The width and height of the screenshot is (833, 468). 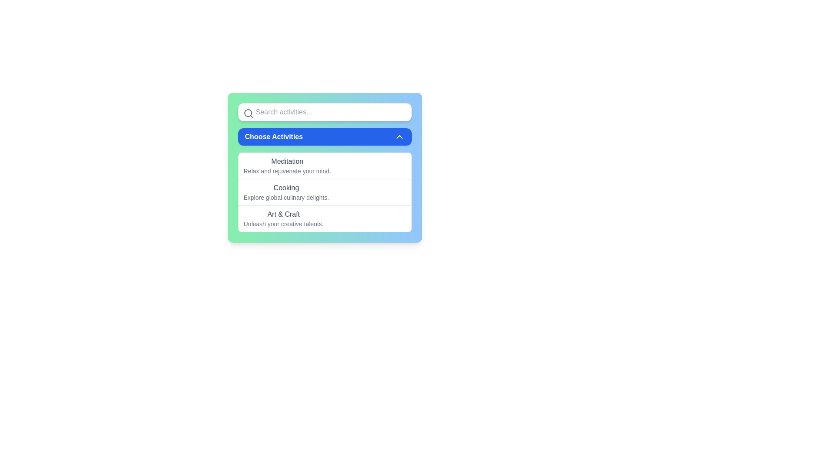 What do you see at coordinates (248, 113) in the screenshot?
I see `the search icon resembling a magnifying glass, which is positioned to the left of the text input field labeled 'Search activities...'` at bounding box center [248, 113].